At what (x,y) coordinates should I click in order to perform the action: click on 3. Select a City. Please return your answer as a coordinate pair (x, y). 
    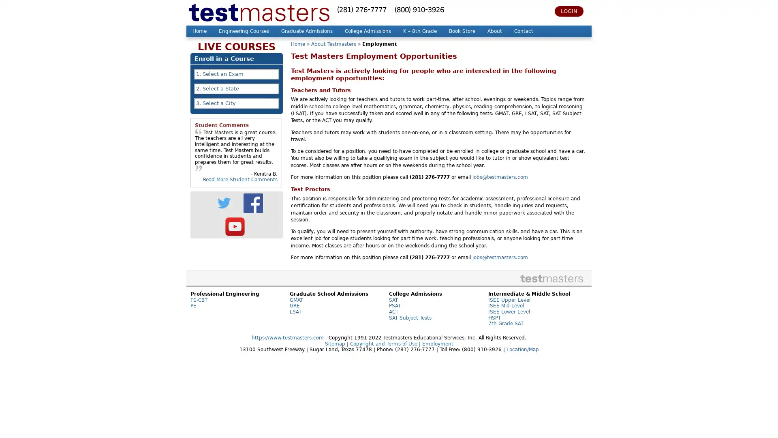
    Looking at the image, I should click on (236, 103).